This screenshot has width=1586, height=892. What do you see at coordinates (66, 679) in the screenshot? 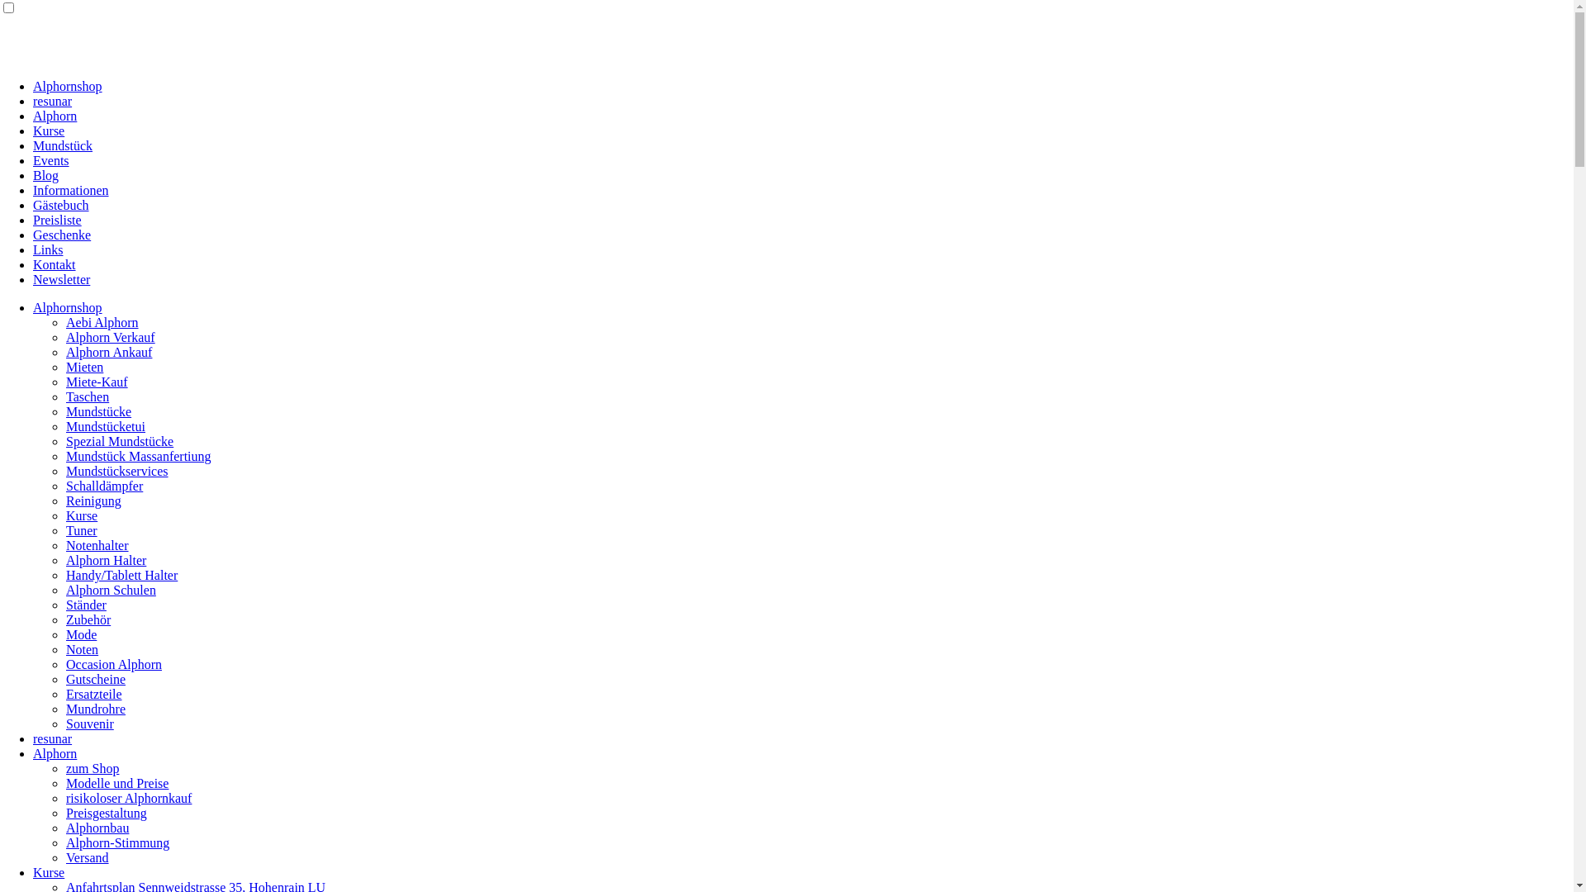
I see `'Gutscheine'` at bounding box center [66, 679].